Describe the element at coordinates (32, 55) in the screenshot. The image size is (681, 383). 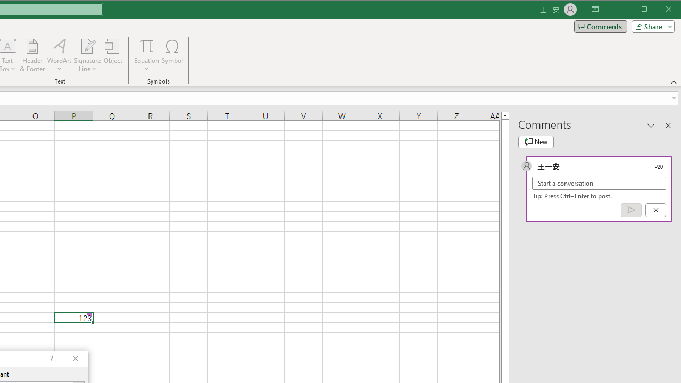
I see `'Header & Footer...'` at that location.